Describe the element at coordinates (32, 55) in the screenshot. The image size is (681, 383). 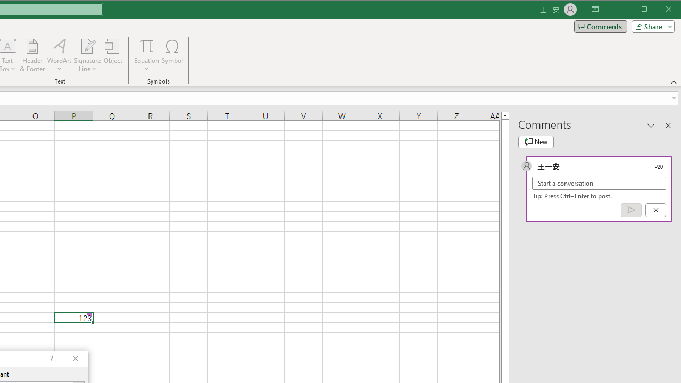
I see `'Header & Footer...'` at that location.